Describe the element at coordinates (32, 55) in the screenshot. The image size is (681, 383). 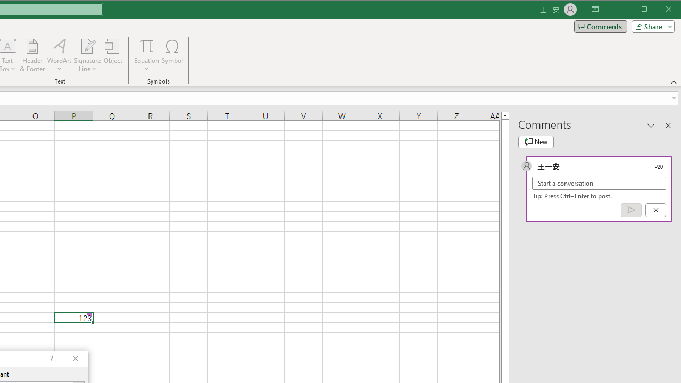
I see `'Header & Footer...'` at that location.